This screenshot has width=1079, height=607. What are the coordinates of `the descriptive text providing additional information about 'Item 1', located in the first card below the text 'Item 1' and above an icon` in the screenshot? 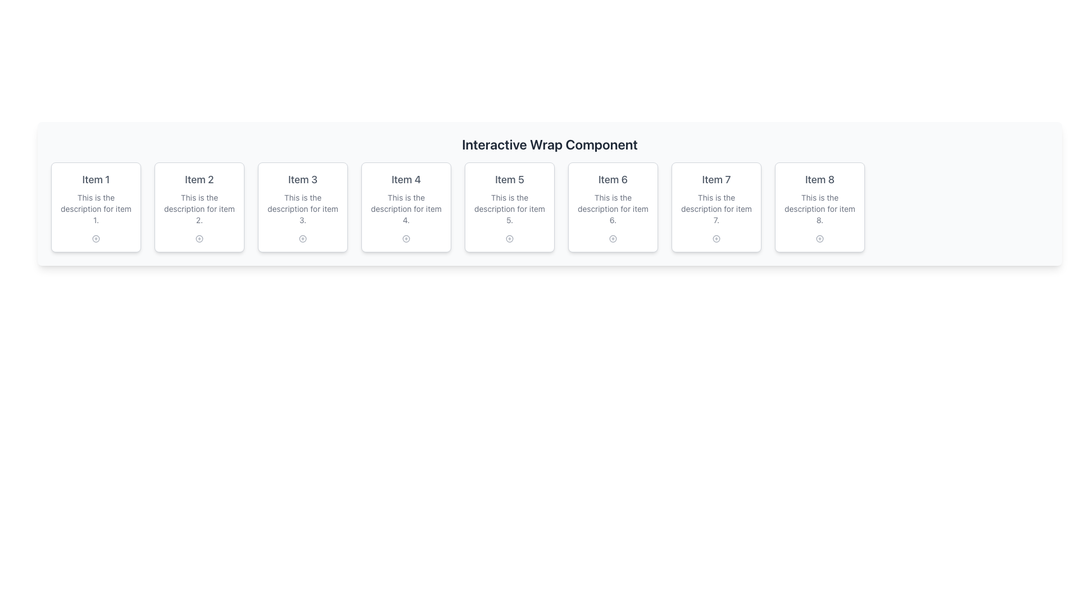 It's located at (96, 209).